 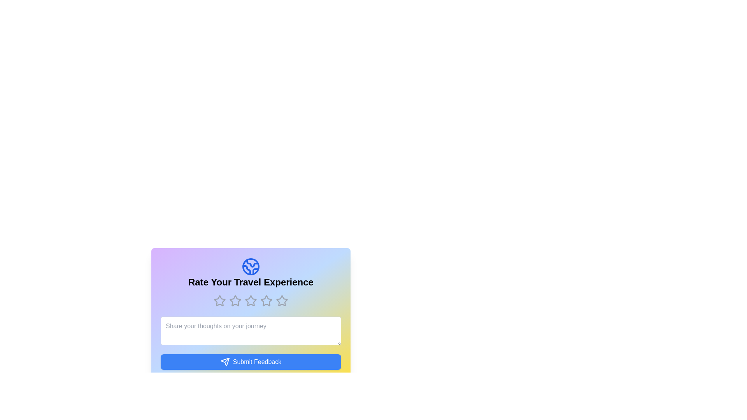 I want to click on the rating to 1 stars by clicking on the corresponding star, so click(x=219, y=301).